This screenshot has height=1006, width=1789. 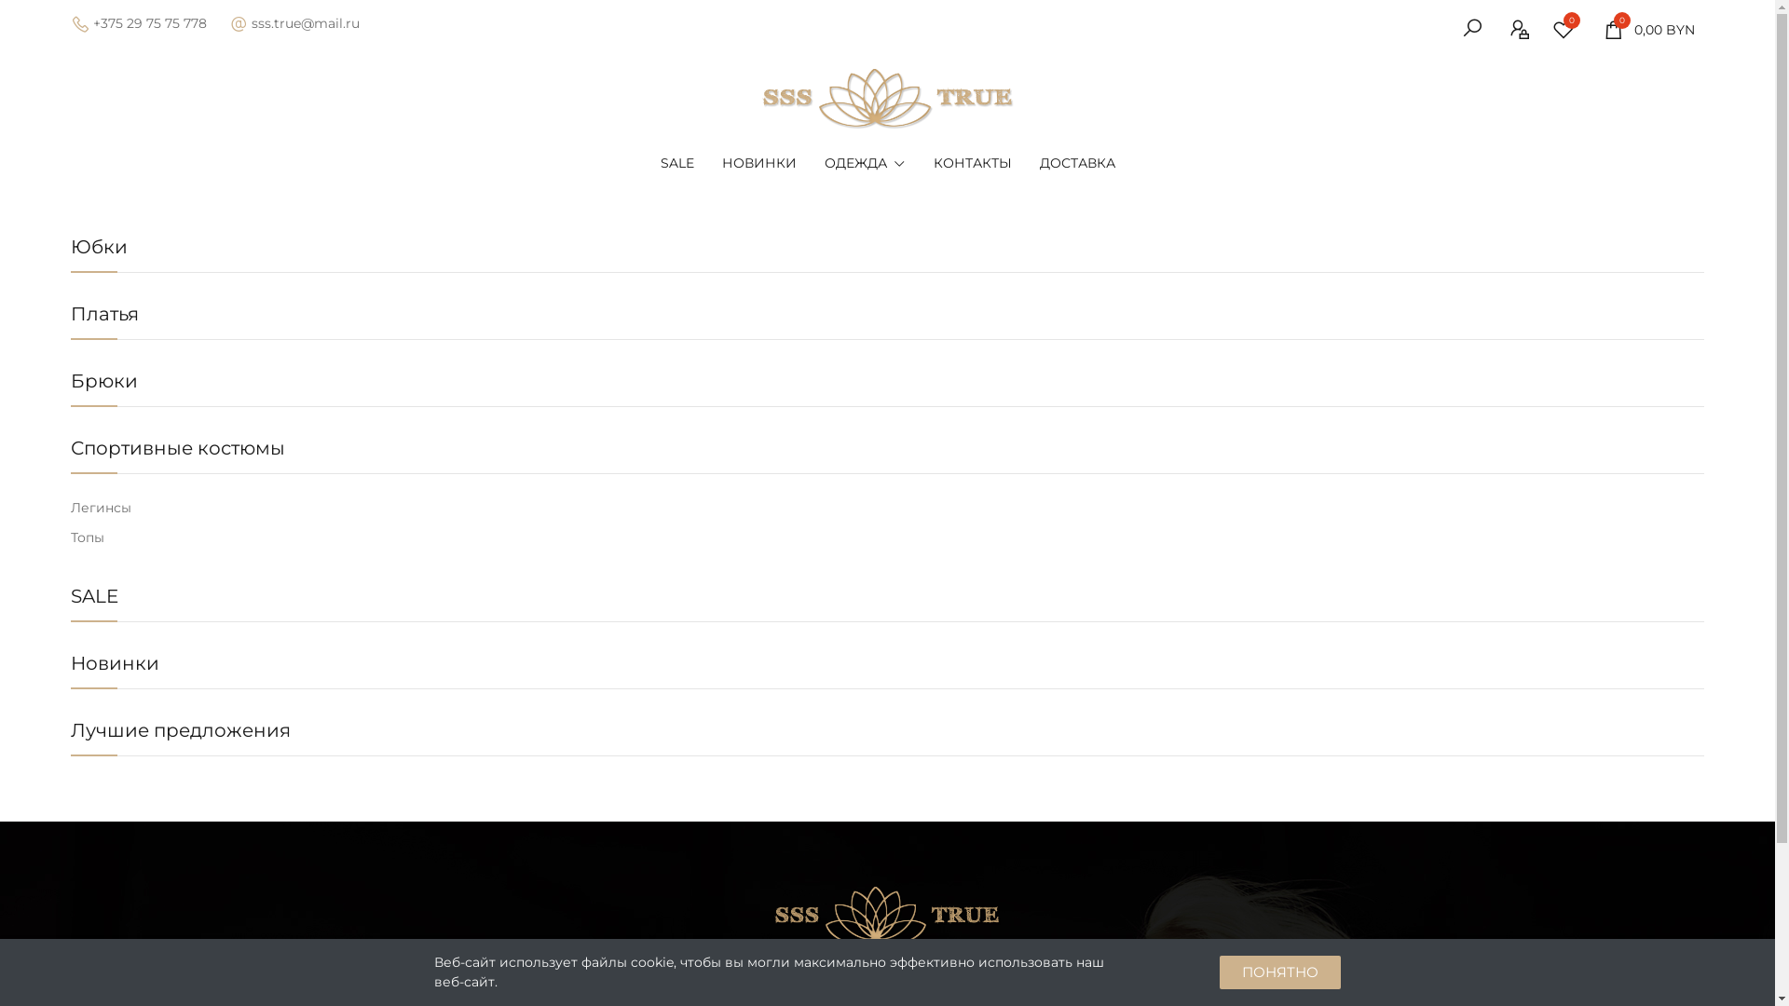 What do you see at coordinates (93, 596) in the screenshot?
I see `'SALE'` at bounding box center [93, 596].